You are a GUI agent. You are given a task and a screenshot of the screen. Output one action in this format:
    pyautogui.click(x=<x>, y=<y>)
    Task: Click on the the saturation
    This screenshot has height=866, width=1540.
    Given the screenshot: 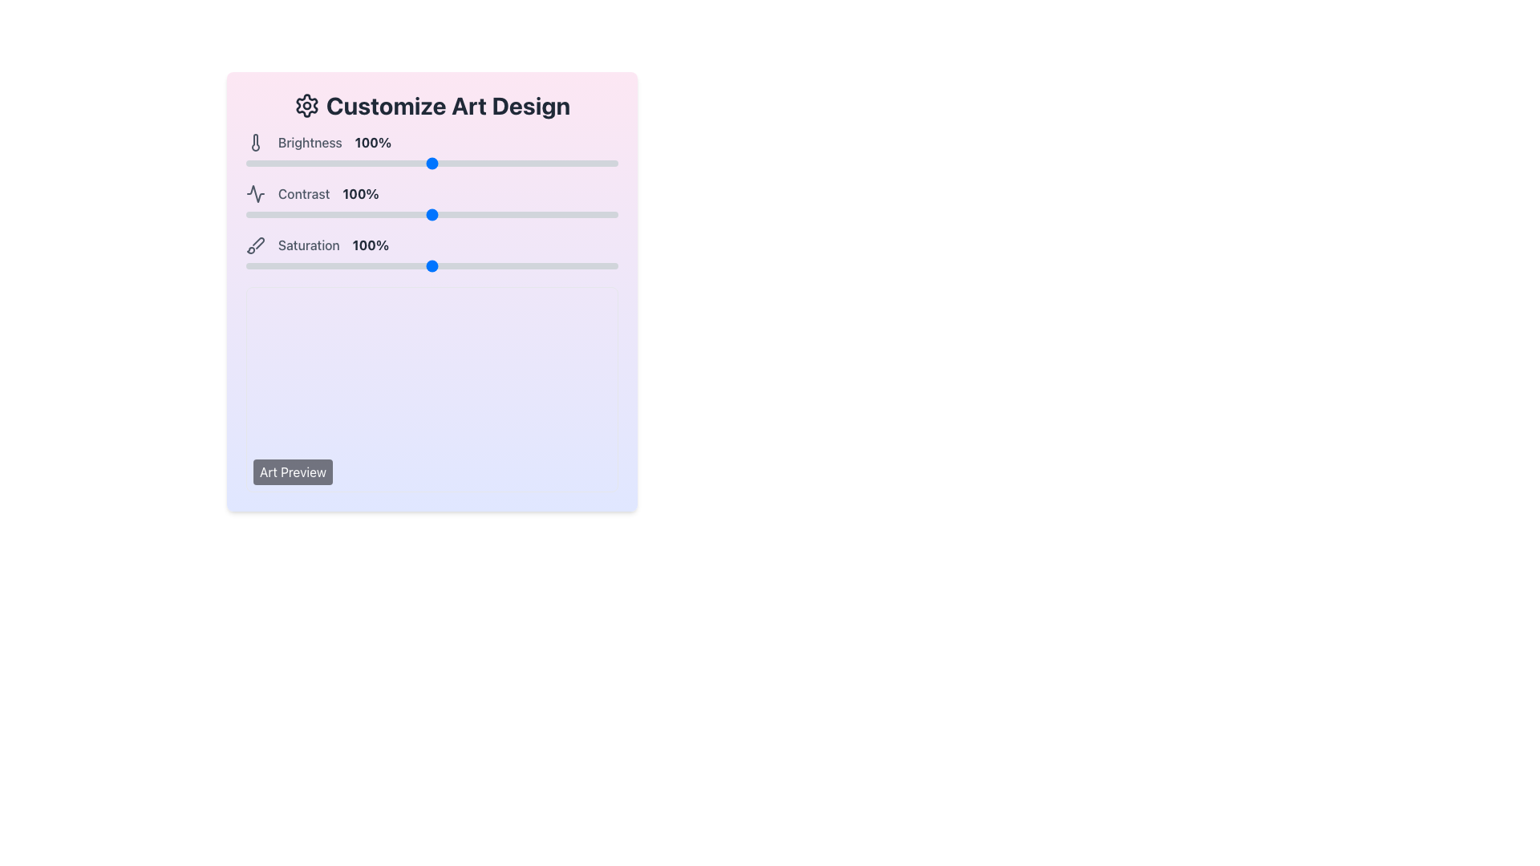 What is the action you would take?
    pyautogui.click(x=249, y=265)
    